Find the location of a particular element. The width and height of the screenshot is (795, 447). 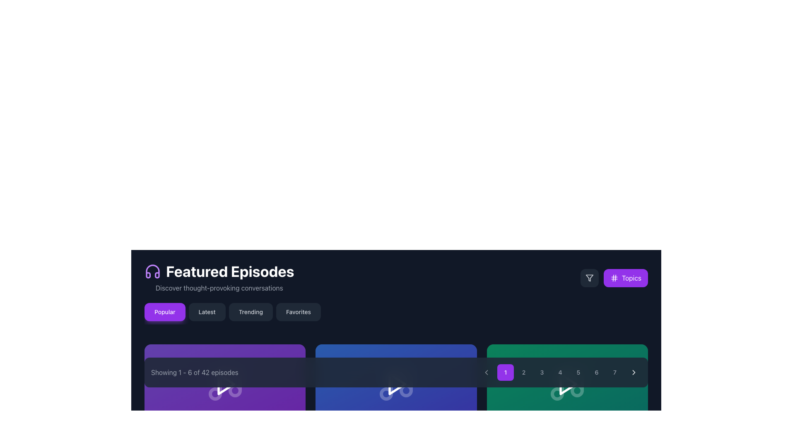

the fifth circular button in the navigation bar is located at coordinates (578, 372).